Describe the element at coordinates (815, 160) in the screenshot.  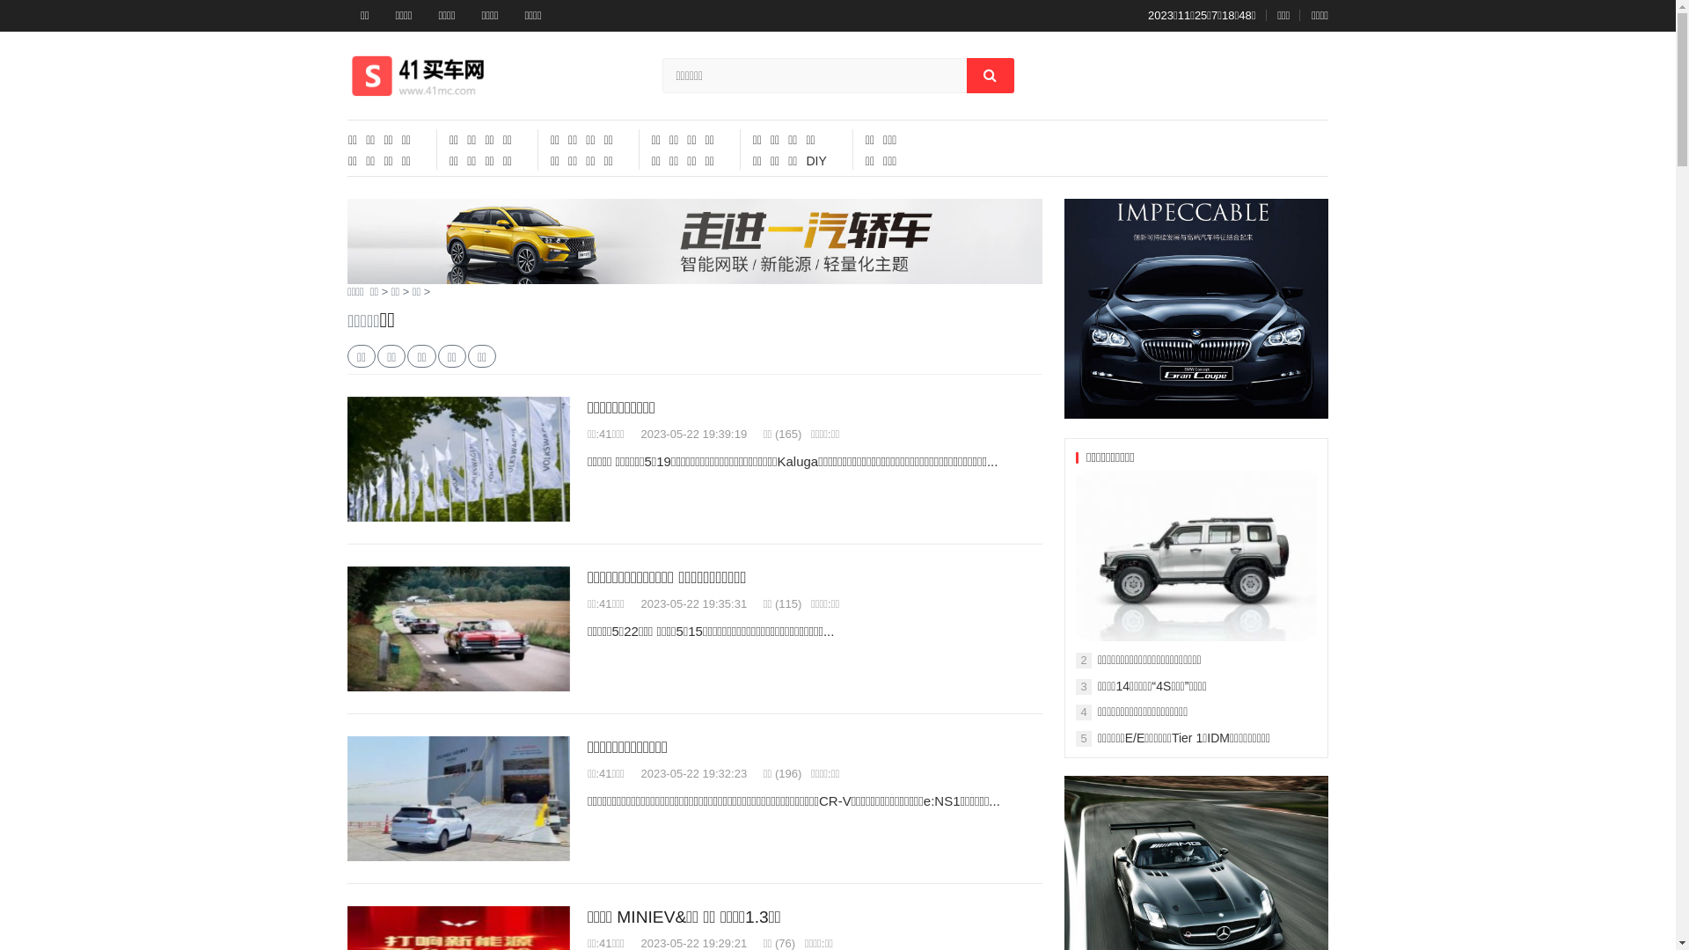
I see `'DIY'` at that location.